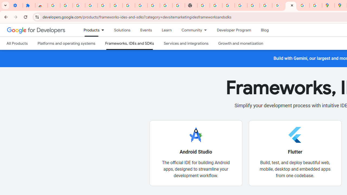  Describe the element at coordinates (295, 134) in the screenshot. I see `'Flutter logo'` at that location.